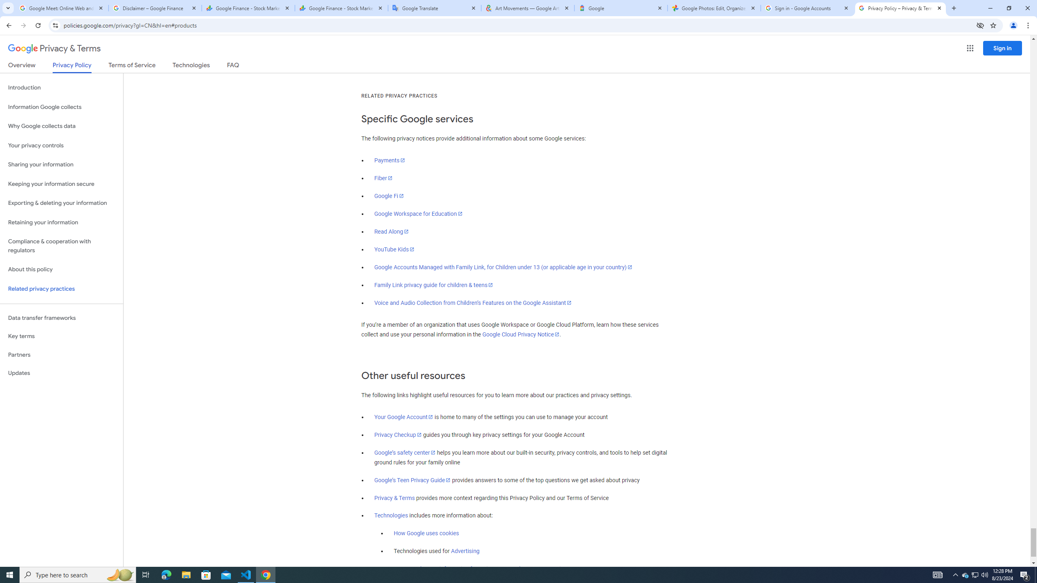  I want to click on 'Introduction', so click(61, 87).